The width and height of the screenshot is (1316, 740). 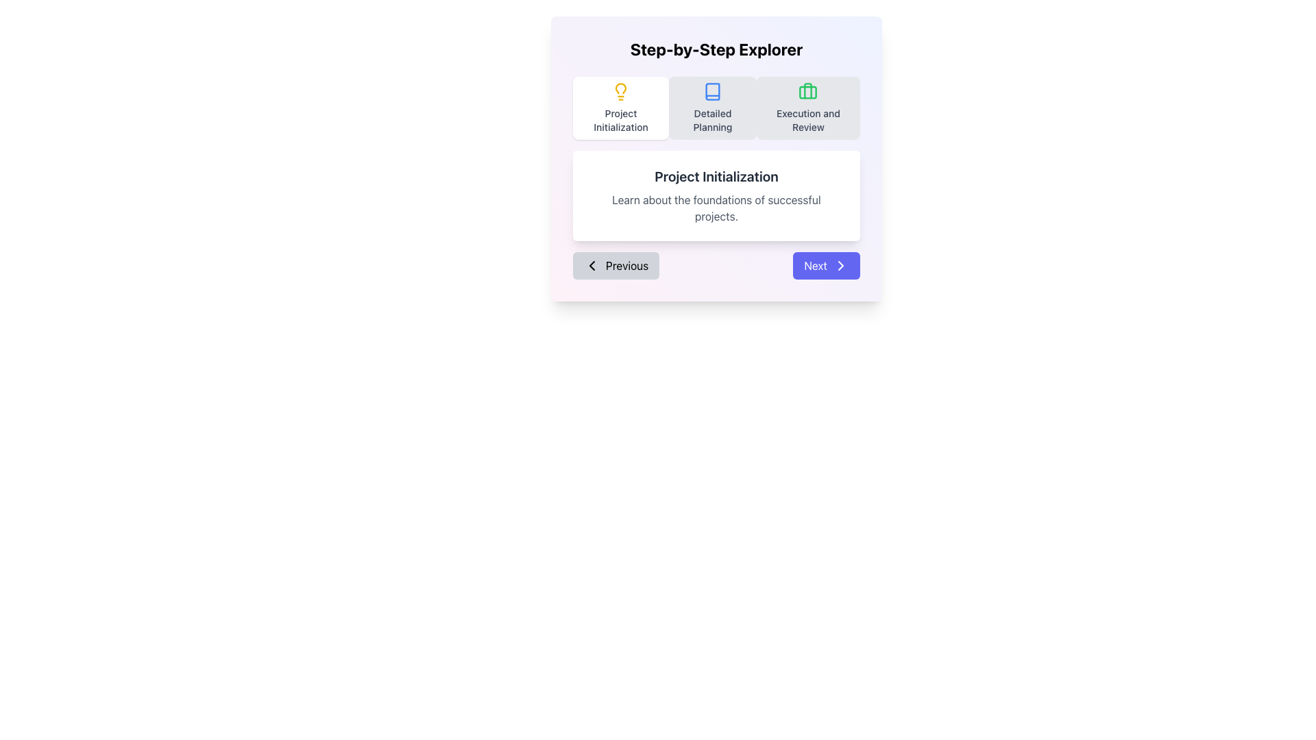 What do you see at coordinates (620, 120) in the screenshot?
I see `the text label displaying 'Project Initialization', which is located at the center of the first card in a row of three cards` at bounding box center [620, 120].